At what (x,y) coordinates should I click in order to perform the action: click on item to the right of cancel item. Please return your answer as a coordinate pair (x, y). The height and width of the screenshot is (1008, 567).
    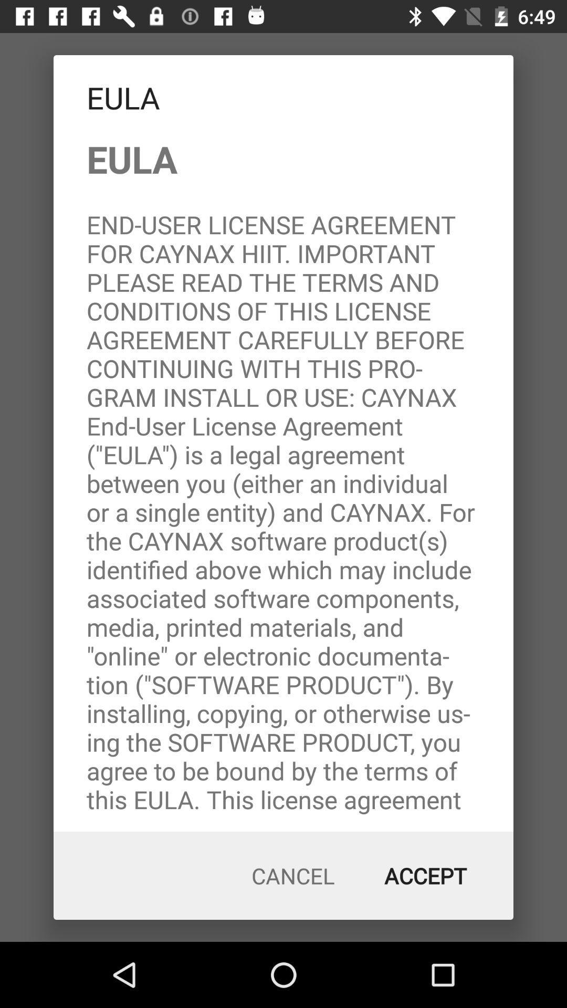
    Looking at the image, I should click on (425, 876).